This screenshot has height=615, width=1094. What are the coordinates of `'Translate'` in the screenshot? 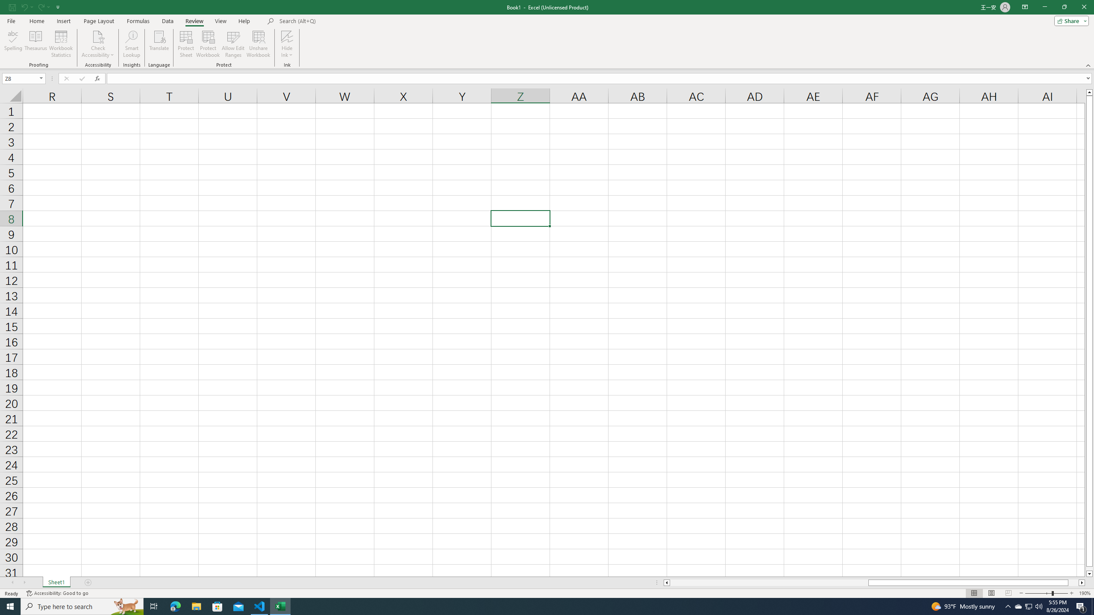 It's located at (159, 44).